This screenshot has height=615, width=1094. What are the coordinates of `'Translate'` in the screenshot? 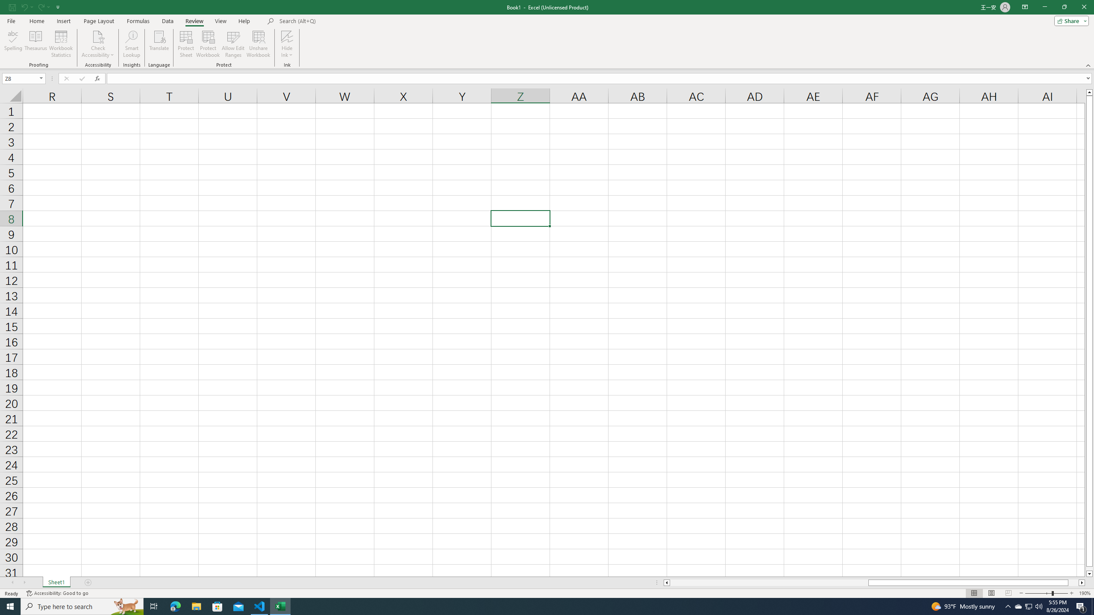 It's located at (159, 44).